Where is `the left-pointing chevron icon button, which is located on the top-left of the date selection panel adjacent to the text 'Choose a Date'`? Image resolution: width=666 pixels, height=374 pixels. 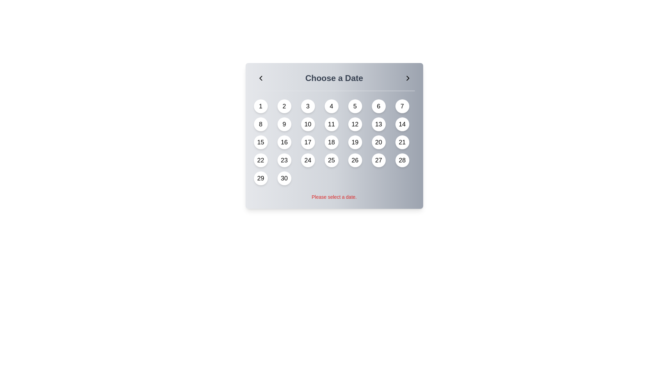
the left-pointing chevron icon button, which is located on the top-left of the date selection panel adjacent to the text 'Choose a Date' is located at coordinates (260, 78).